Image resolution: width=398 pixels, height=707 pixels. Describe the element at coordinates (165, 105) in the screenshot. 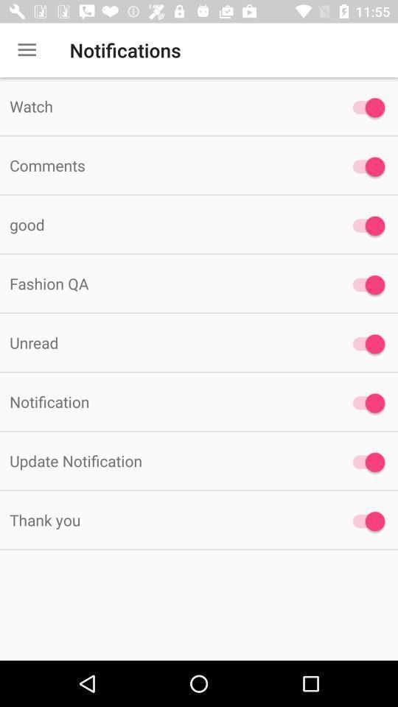

I see `icon above the comments` at that location.